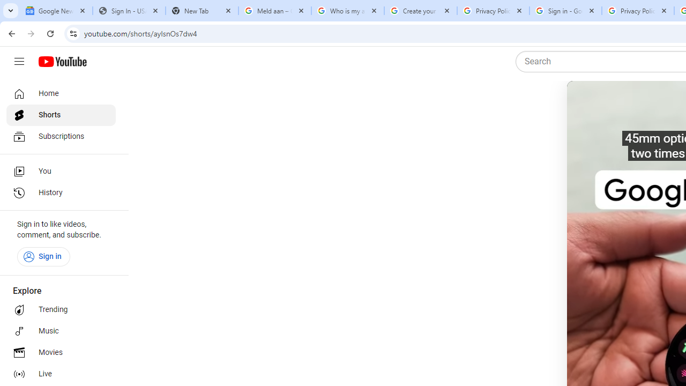 This screenshot has height=386, width=686. Describe the element at coordinates (129, 11) in the screenshot. I see `'Sign In - USA TODAY'` at that location.